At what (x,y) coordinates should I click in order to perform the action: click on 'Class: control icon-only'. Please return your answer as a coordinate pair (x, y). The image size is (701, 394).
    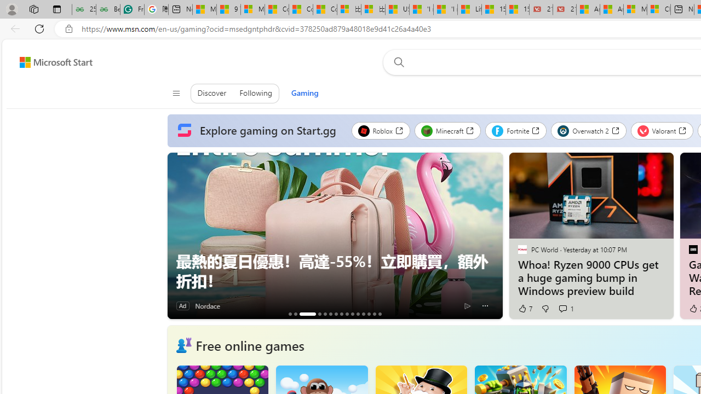
    Looking at the image, I should click on (176, 93).